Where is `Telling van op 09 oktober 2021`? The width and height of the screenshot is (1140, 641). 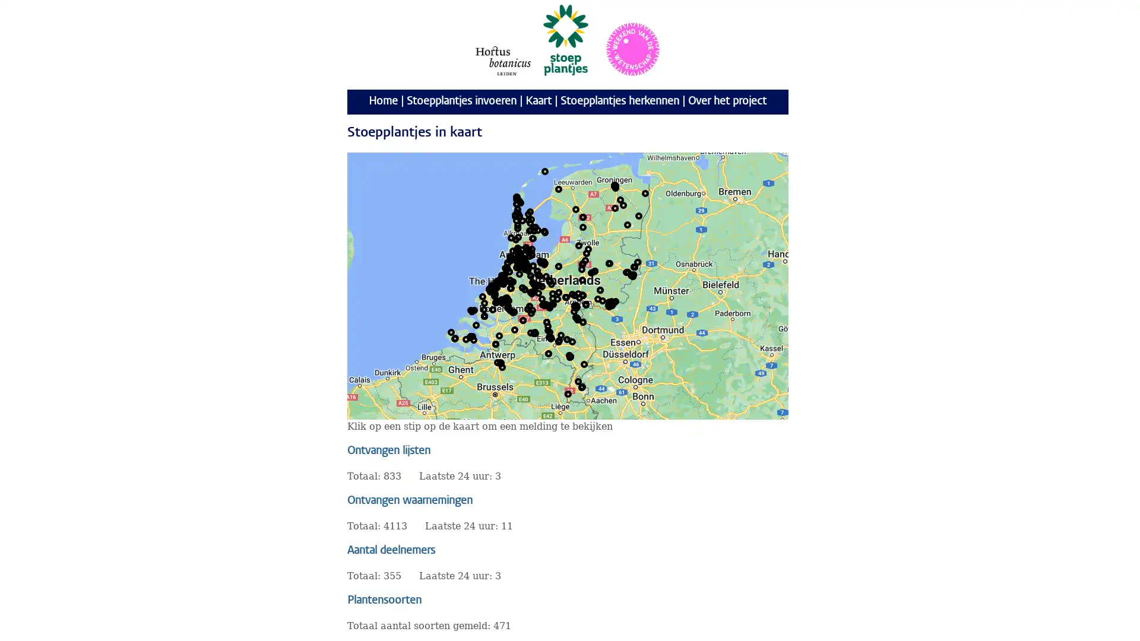
Telling van op 09 oktober 2021 is located at coordinates (519, 264).